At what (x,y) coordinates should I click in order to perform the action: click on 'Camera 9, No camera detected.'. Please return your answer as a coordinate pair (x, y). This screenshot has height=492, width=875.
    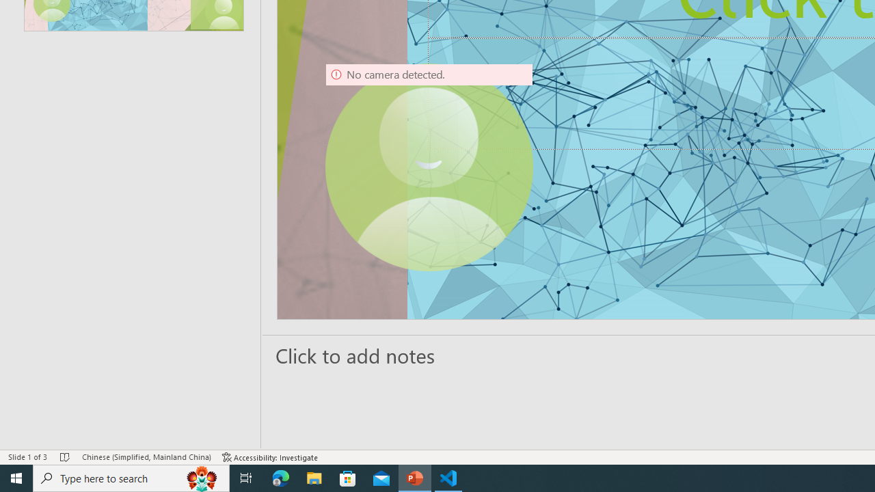
    Looking at the image, I should click on (428, 167).